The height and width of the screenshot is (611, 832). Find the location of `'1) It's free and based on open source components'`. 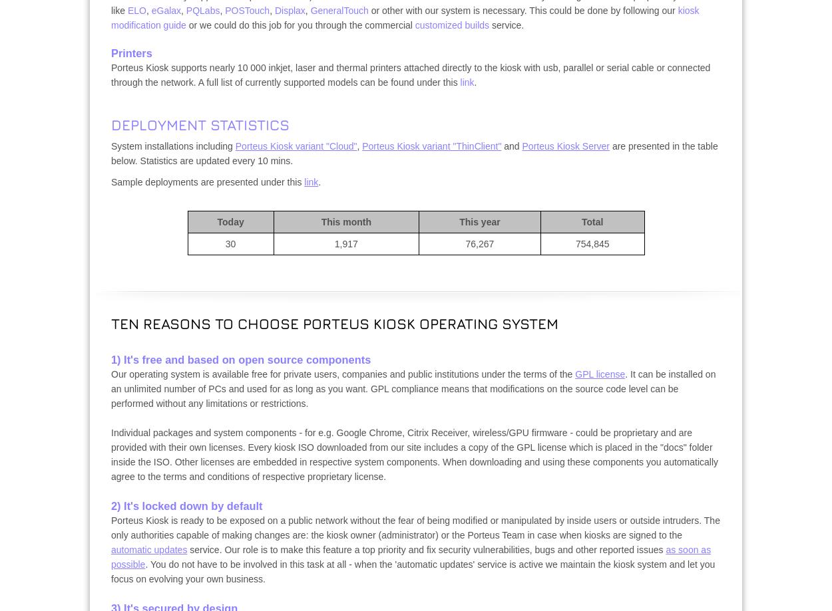

'1) It's free and based on open source components' is located at coordinates (240, 359).